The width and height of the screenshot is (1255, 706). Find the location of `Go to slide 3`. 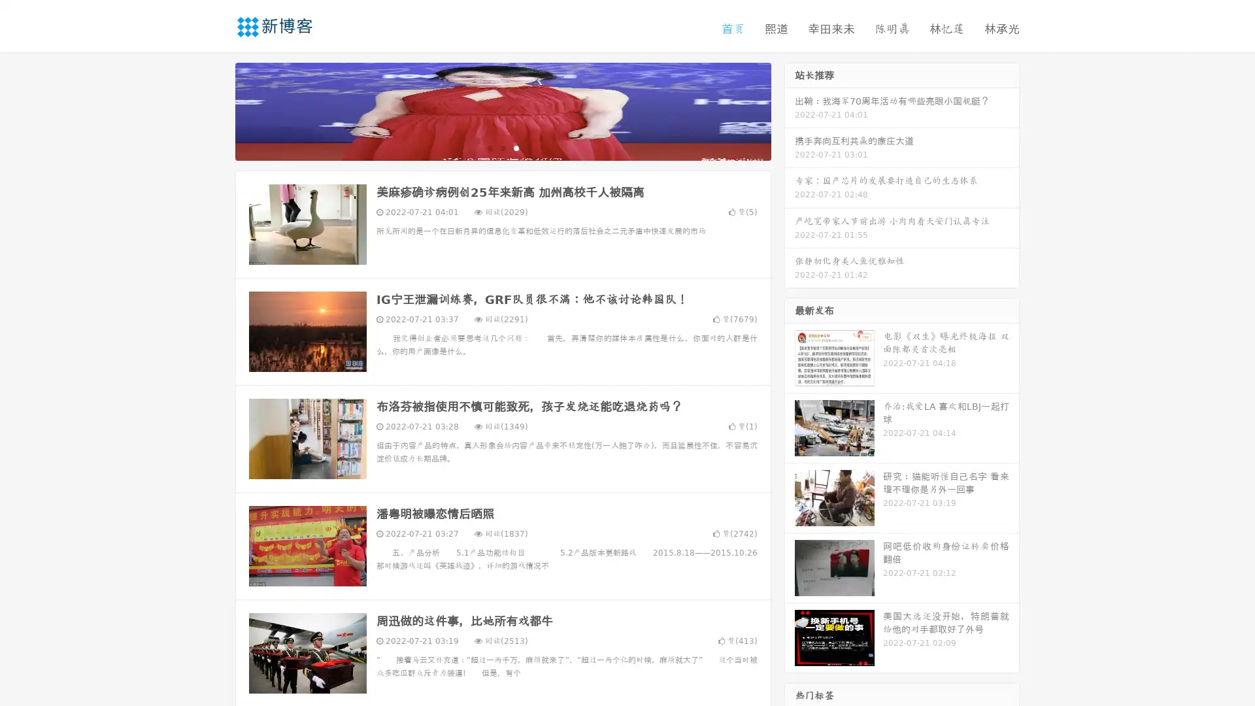

Go to slide 3 is located at coordinates (516, 147).